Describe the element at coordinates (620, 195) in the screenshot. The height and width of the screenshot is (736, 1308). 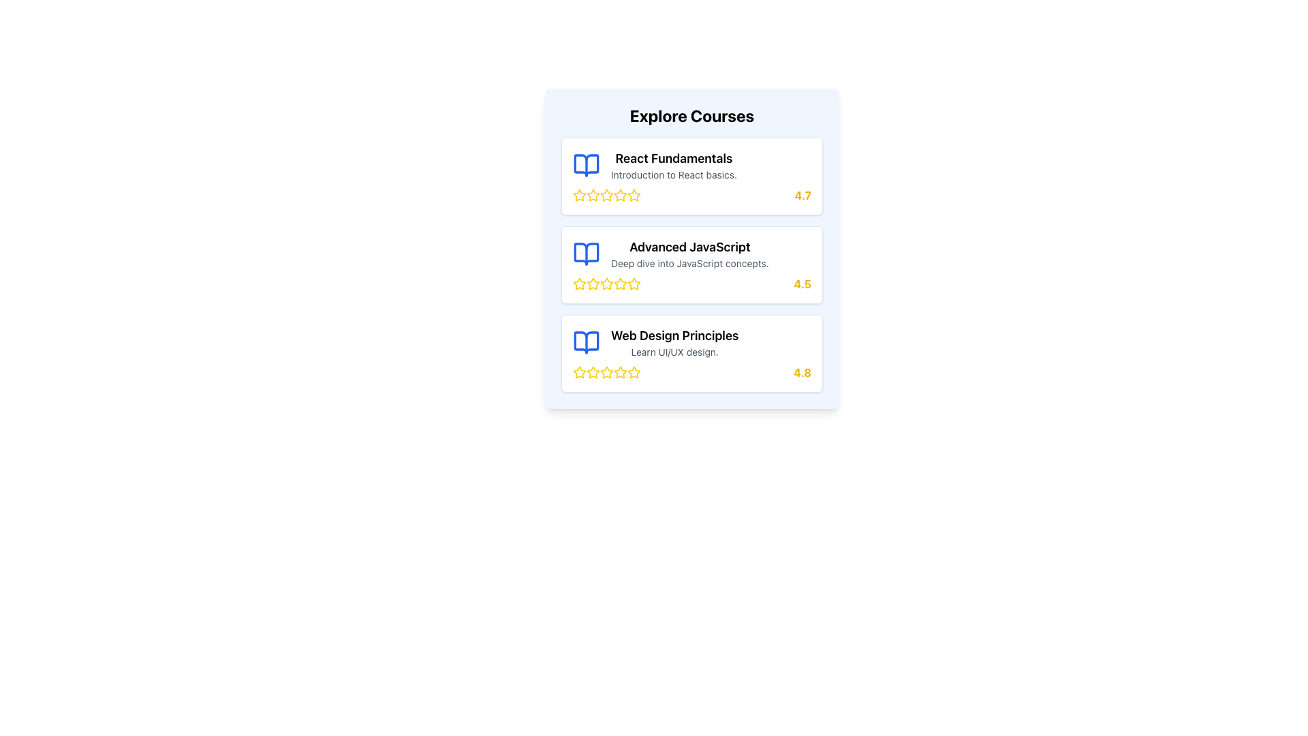
I see `the fifth star-shaped icon with a yellow fill and black outline, associated with the rating system for the 'React Fundamentals' course` at that location.